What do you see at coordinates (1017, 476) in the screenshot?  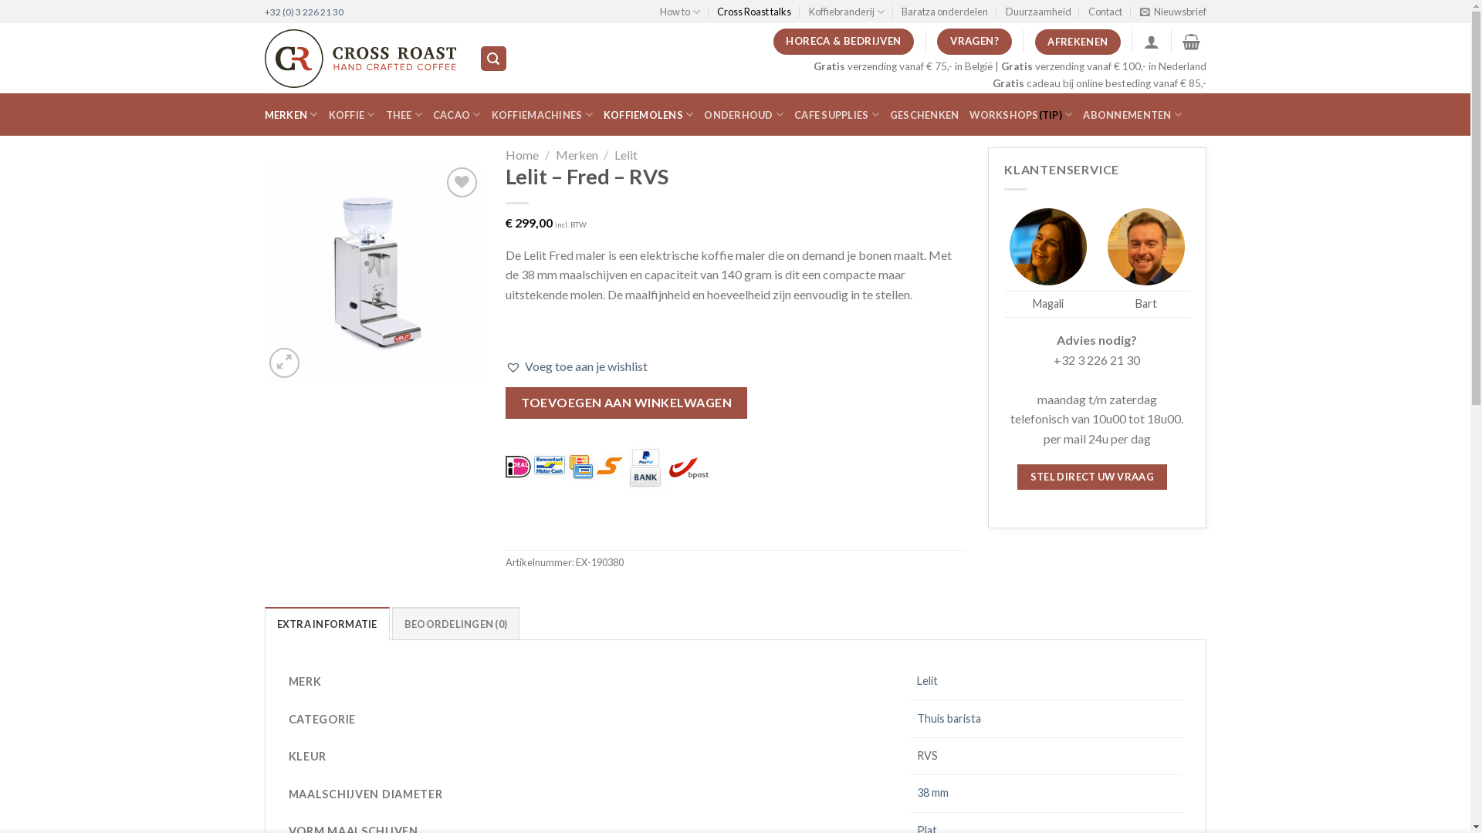 I see `'STEL DIRECT UW VRAAG'` at bounding box center [1017, 476].